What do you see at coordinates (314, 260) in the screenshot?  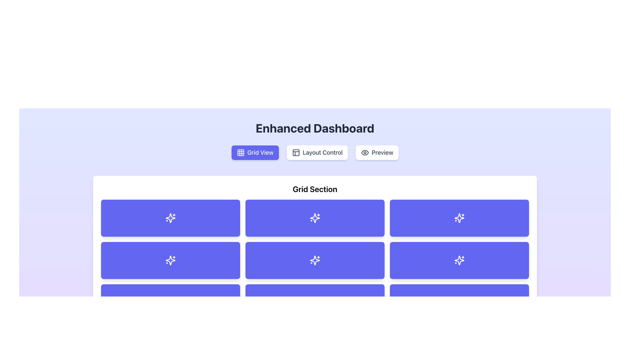 I see `the sparkling star-shaped icon rendered in white lines against a vibrant indigo blue rectangle, located in the second column of the second row of the grid layout` at bounding box center [314, 260].